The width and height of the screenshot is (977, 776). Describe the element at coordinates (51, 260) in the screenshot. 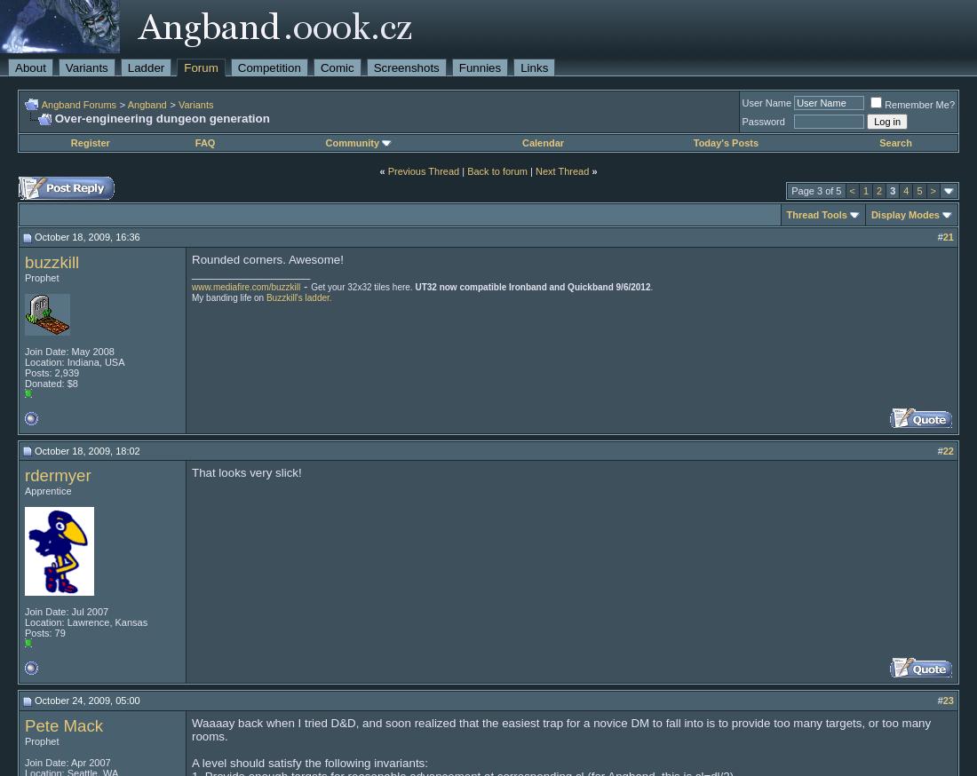

I see `'buzzkill'` at that location.